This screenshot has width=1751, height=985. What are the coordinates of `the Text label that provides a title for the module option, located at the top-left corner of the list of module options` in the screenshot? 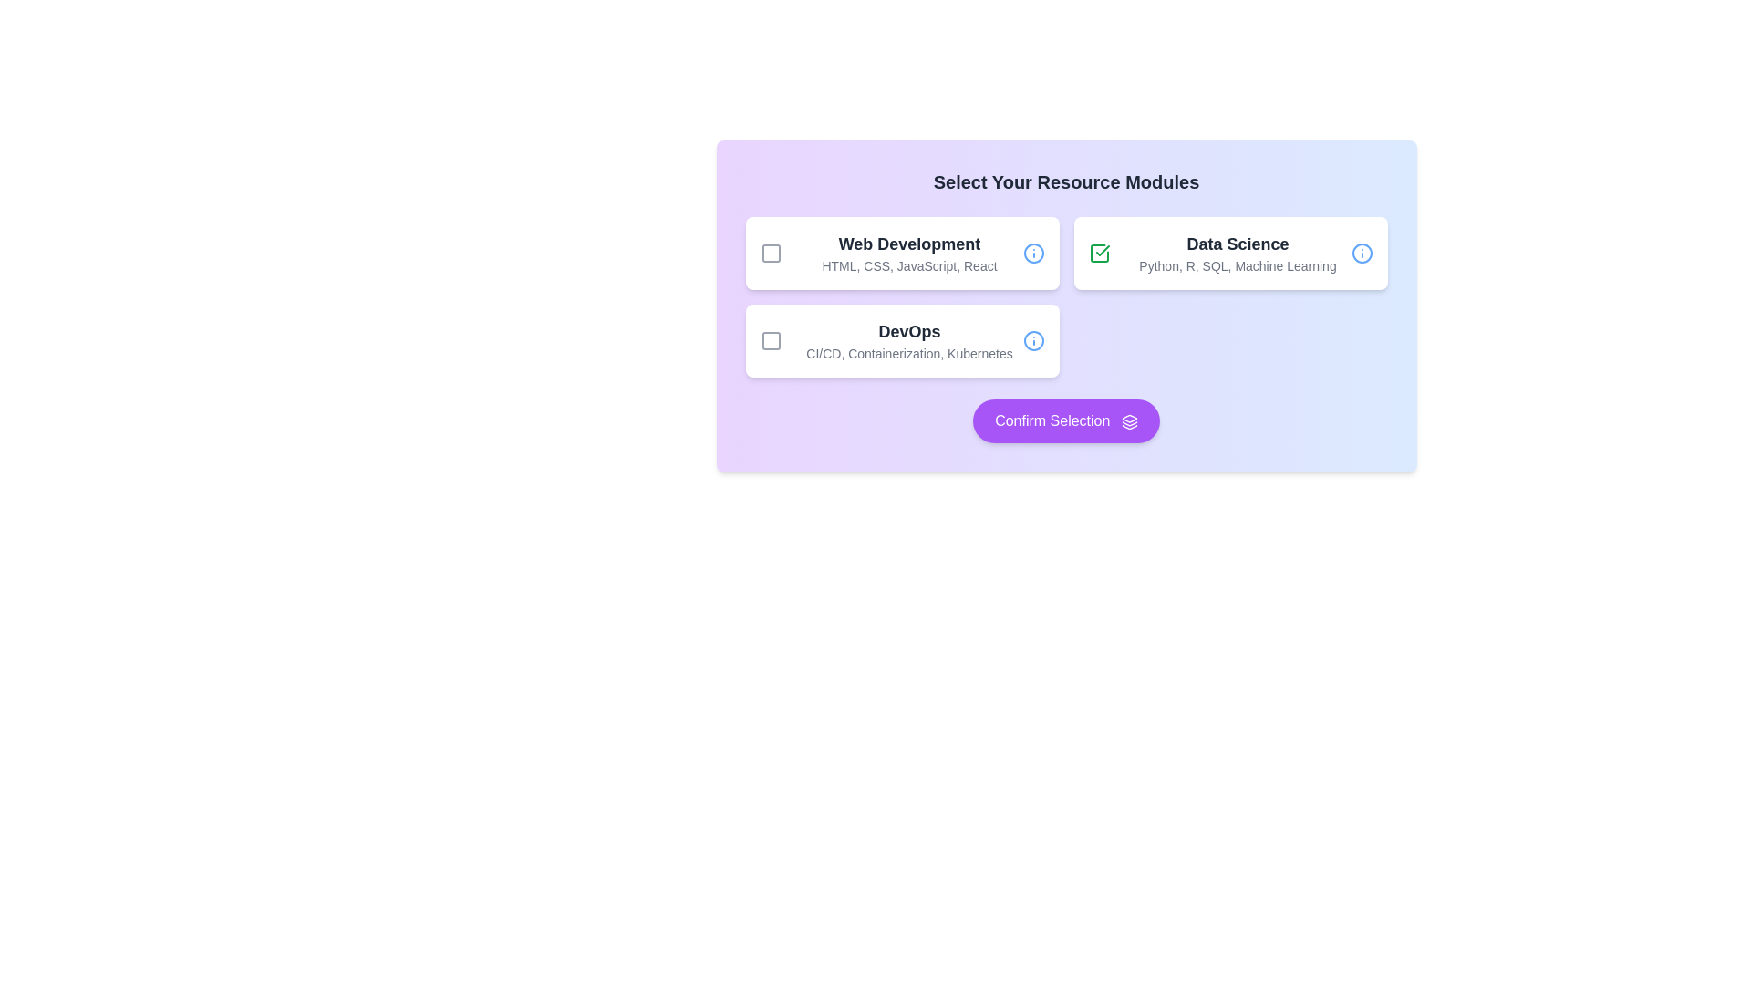 It's located at (909, 243).